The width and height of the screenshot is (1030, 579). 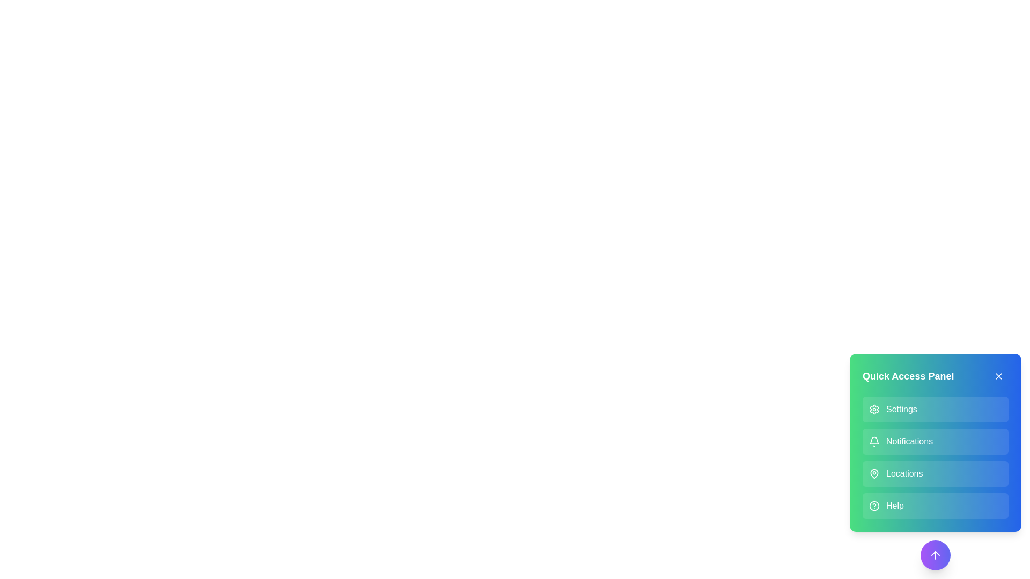 What do you see at coordinates (935, 409) in the screenshot?
I see `the topmost button in the vertical list of options in the sidebar` at bounding box center [935, 409].